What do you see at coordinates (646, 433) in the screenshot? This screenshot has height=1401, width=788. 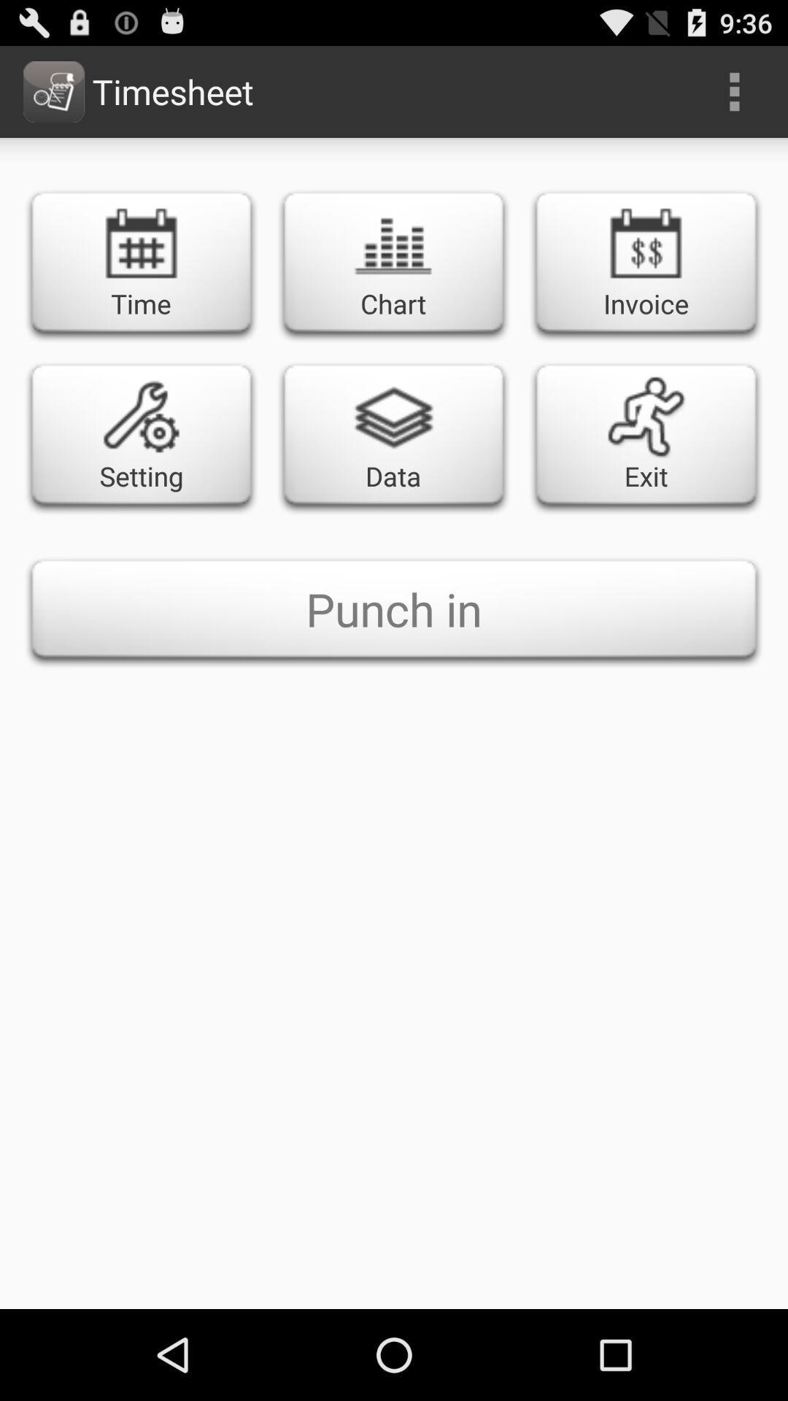 I see `the exit button on the web page` at bounding box center [646, 433].